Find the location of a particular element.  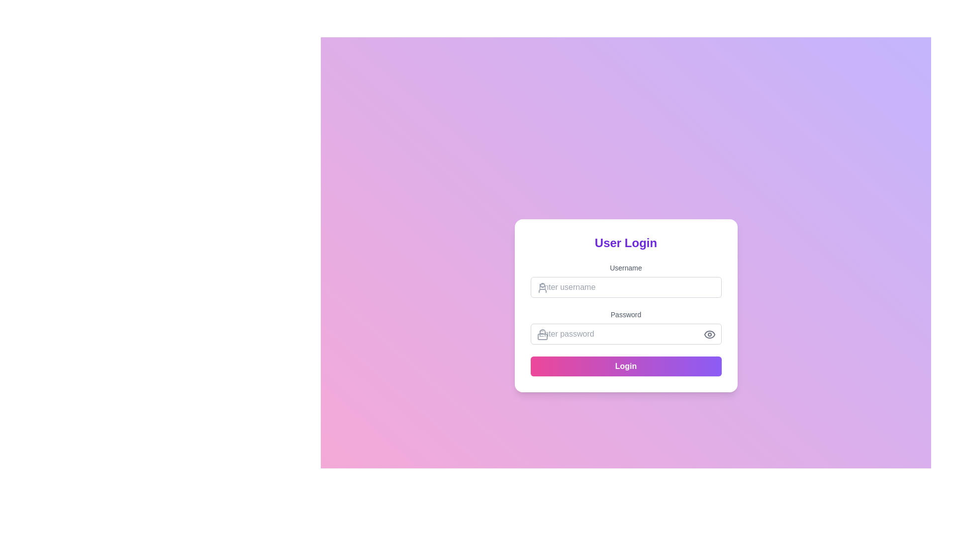

the 'Username' input field to focus on it, which is located within the login form, directly below the 'User Login' title and above the 'Password' input section is located at coordinates (625, 280).